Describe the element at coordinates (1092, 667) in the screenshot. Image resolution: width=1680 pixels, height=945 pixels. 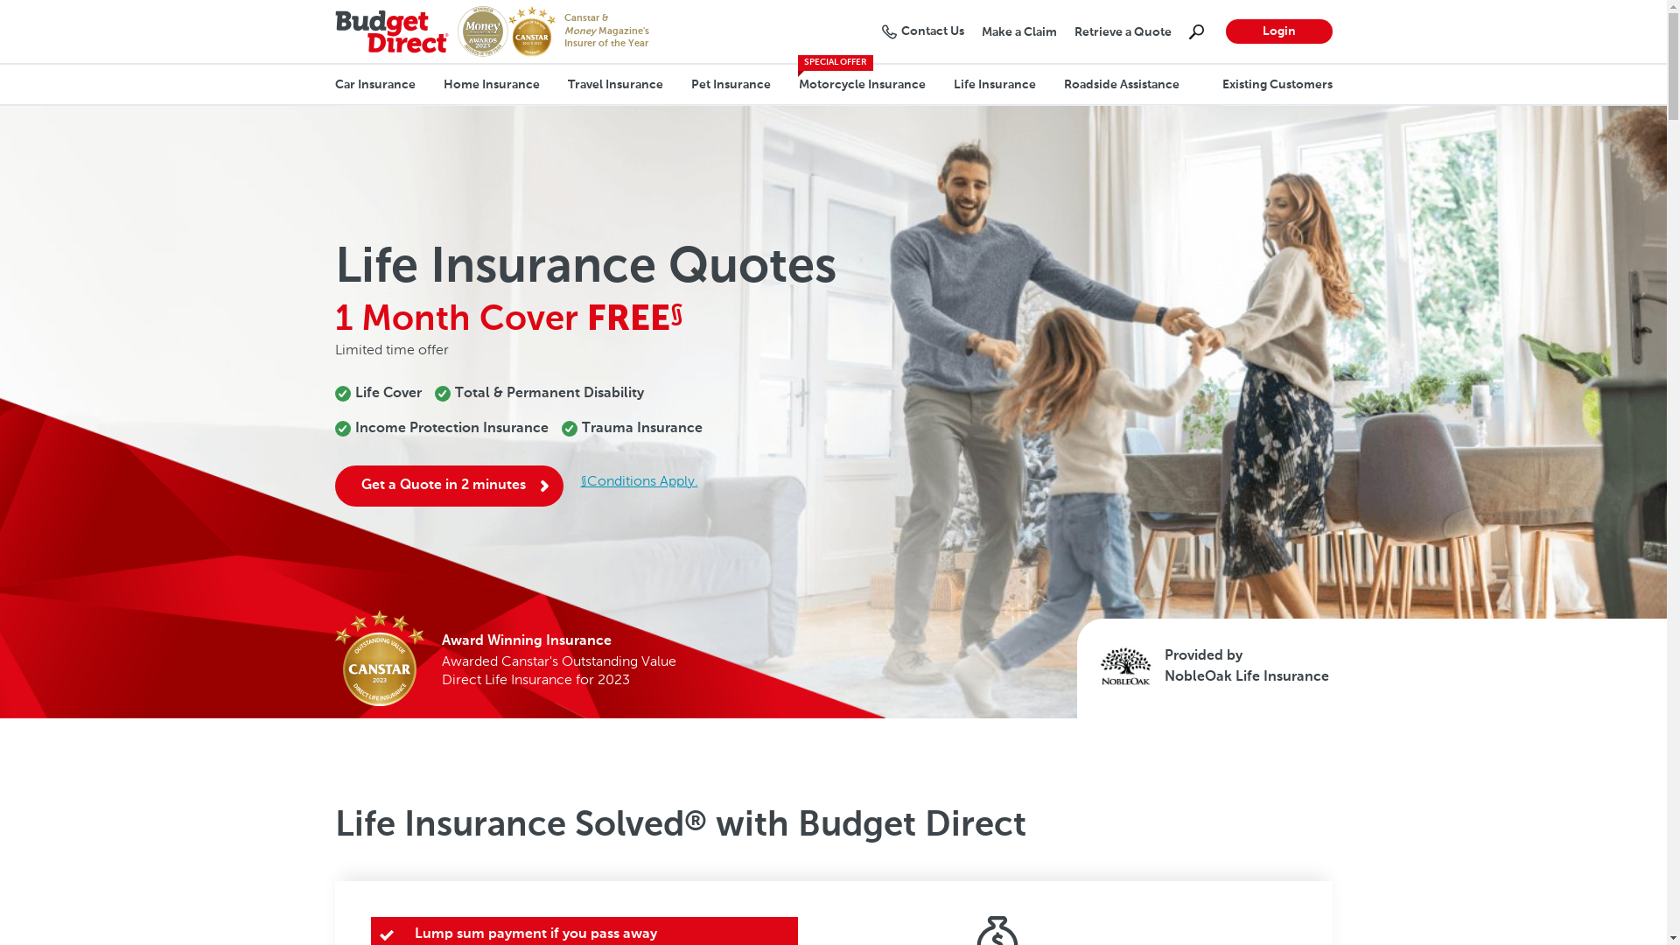
I see `'NobleOak Logo'` at that location.